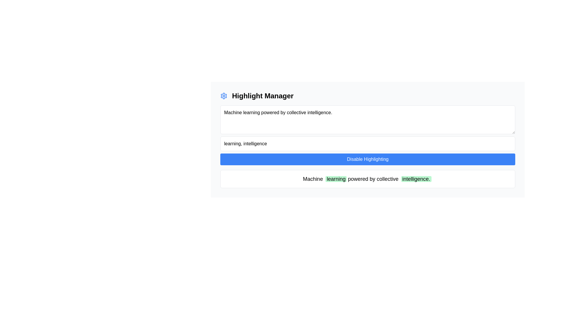 The image size is (564, 317). I want to click on the blue settings icon, which is a gear symbol located to the immediate left of the text 'Highlight Manager', so click(224, 96).